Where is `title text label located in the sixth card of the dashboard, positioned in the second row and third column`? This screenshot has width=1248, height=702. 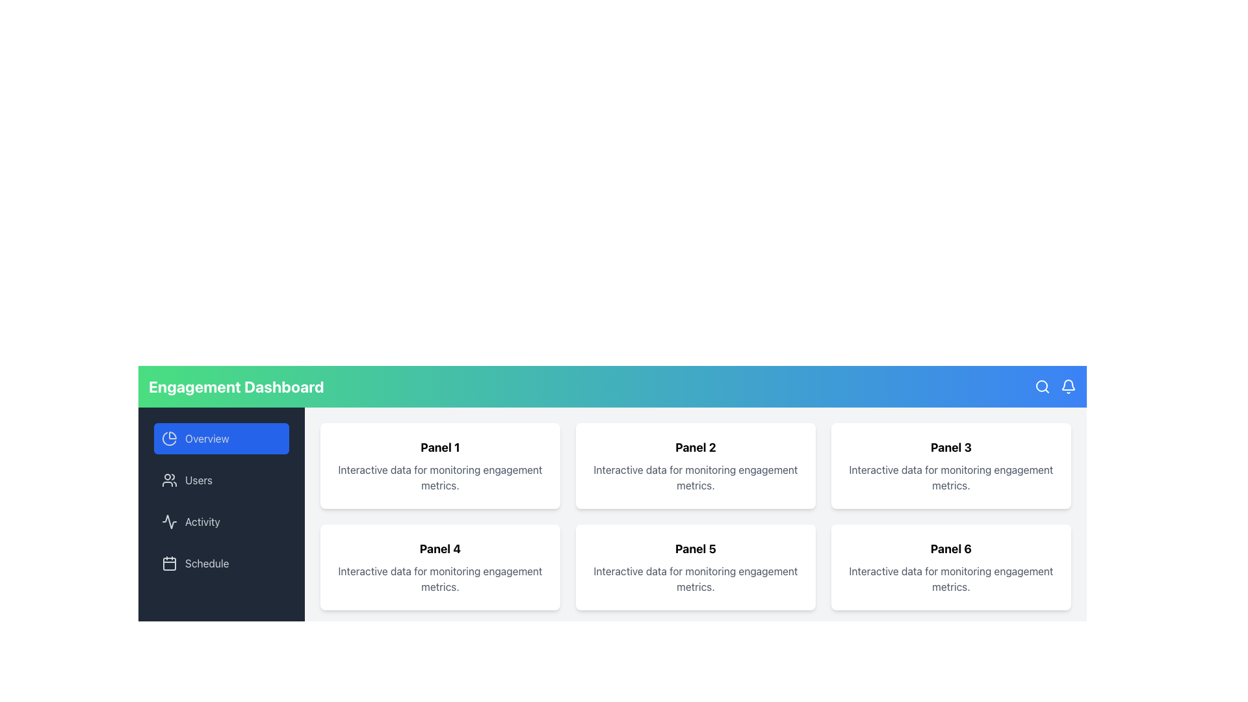 title text label located in the sixth card of the dashboard, positioned in the second row and third column is located at coordinates (951, 549).